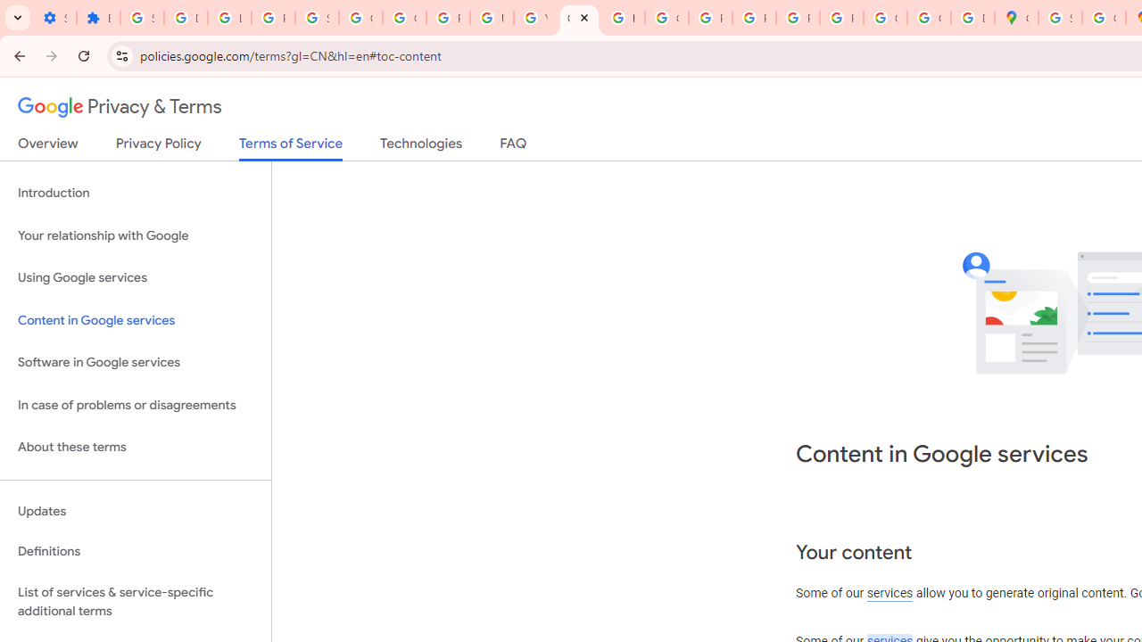 The width and height of the screenshot is (1142, 642). Describe the element at coordinates (291, 147) in the screenshot. I see `'Terms of Service'` at that location.